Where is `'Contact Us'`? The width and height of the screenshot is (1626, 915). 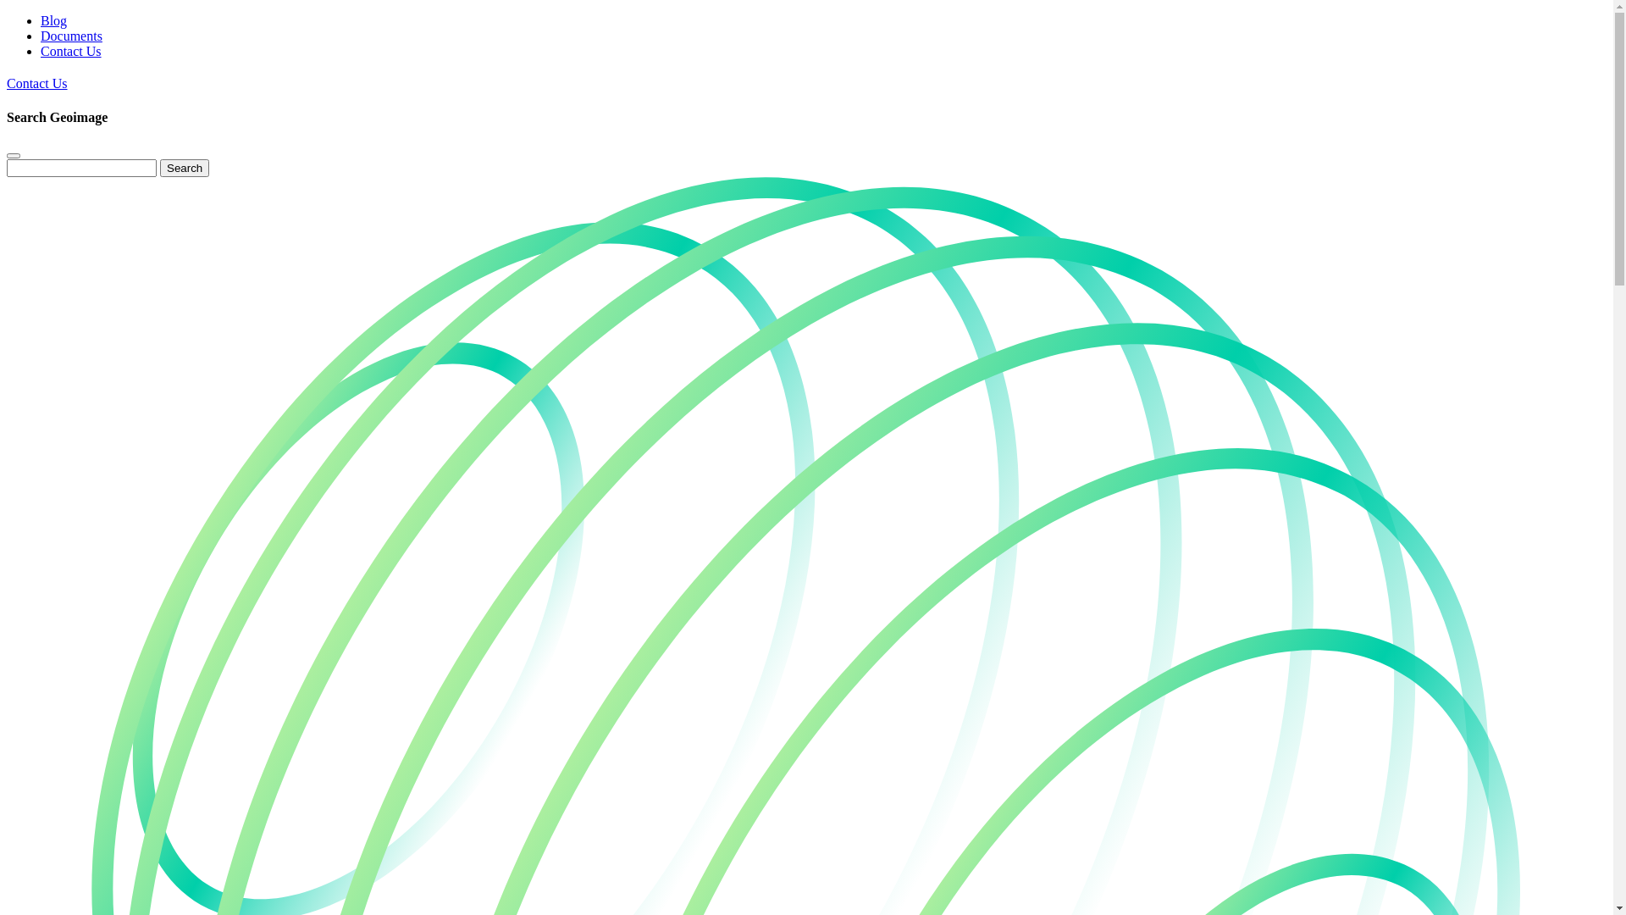
'Contact Us' is located at coordinates (41, 50).